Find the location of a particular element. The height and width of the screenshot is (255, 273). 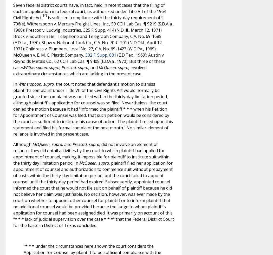

'302 F. Supp. 881' is located at coordinates (101, 55).